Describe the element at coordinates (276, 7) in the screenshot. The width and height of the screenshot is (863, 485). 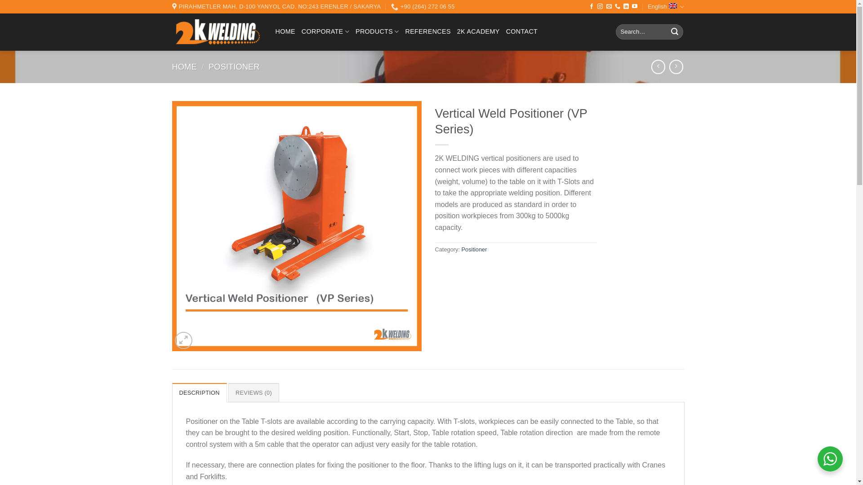
I see `'PIRAHMETLER MAH. D-100 YANYOL CAD. NO:243 ERENLER / SAKARYA'` at that location.